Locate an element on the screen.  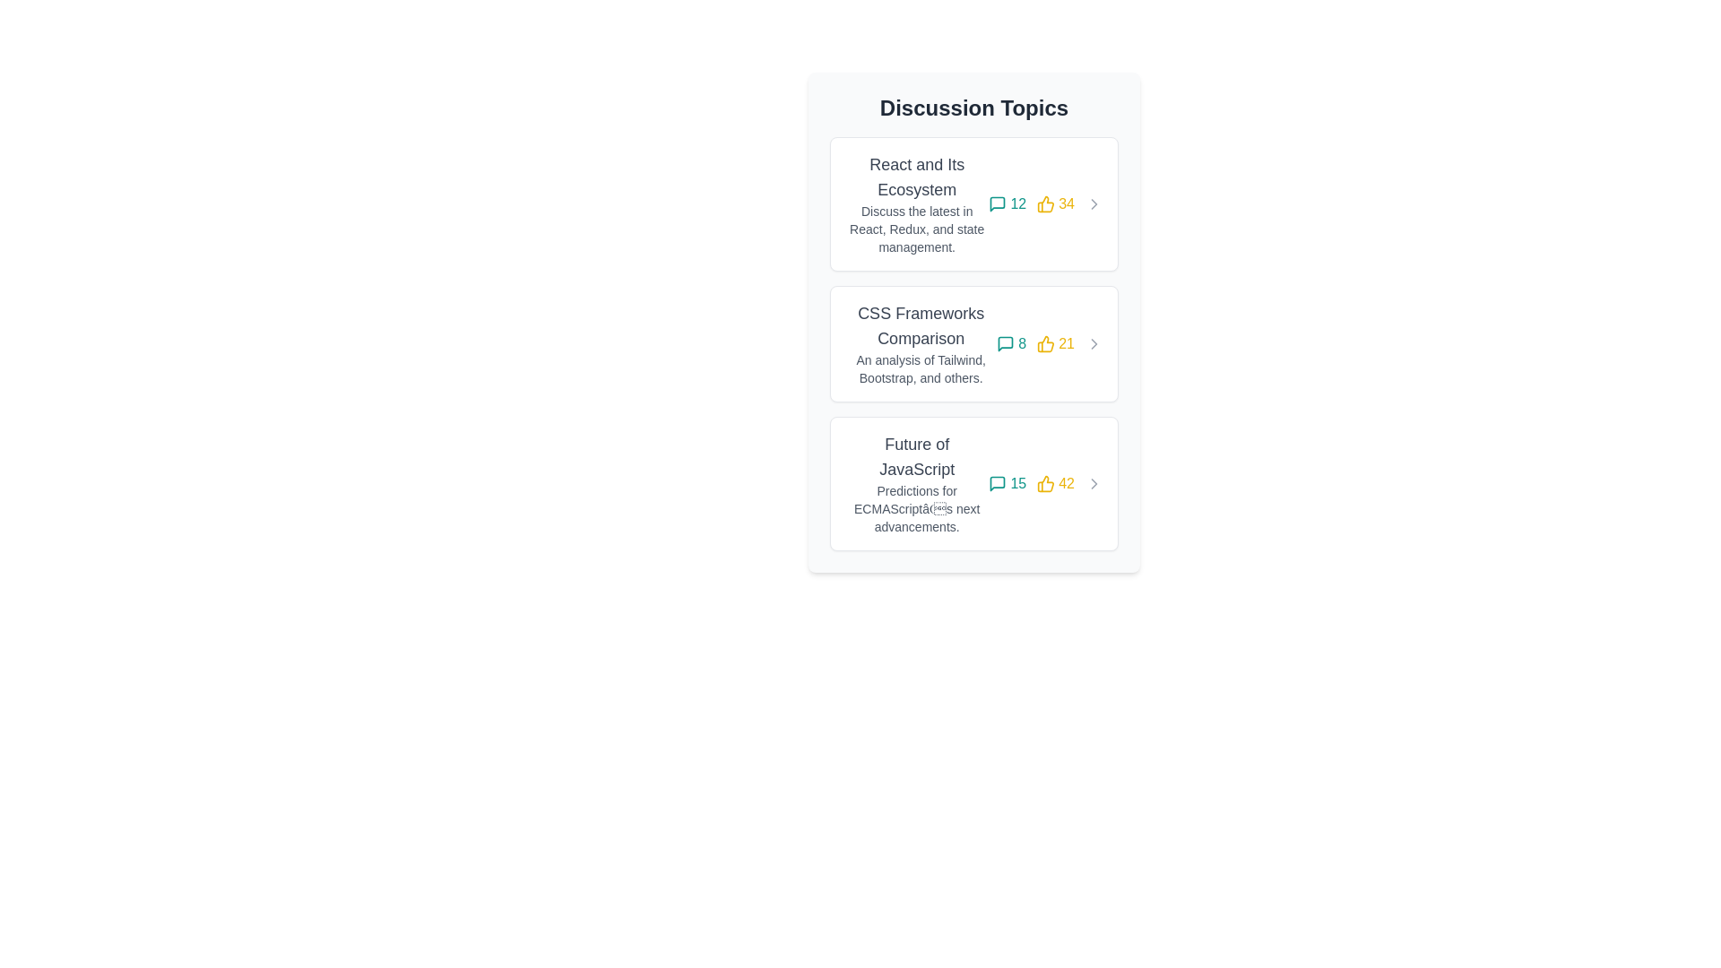
the static text label that serves as the title or header of the first discussion topic card, located at the top of the column of cards under 'Discussion Topics' is located at coordinates (917, 177).